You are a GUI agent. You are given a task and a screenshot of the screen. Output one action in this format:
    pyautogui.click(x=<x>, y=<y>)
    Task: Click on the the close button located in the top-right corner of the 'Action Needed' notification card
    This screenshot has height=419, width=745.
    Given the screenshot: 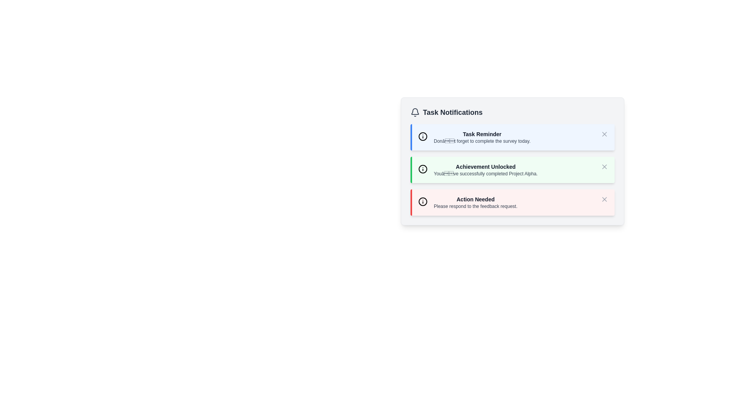 What is the action you would take?
    pyautogui.click(x=604, y=199)
    